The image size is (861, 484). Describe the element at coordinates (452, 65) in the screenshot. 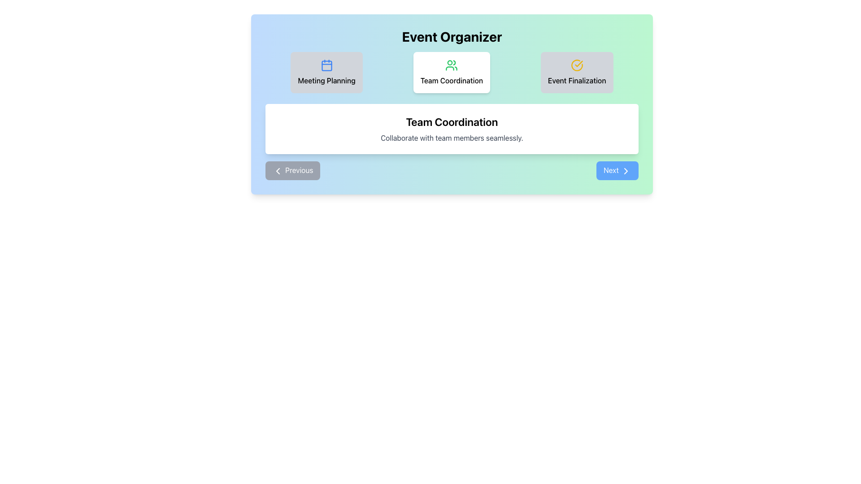

I see `the green icon shaped like three abstract human figures located in the 'Team Coordination' section above the 'Team Coordination' text` at that location.